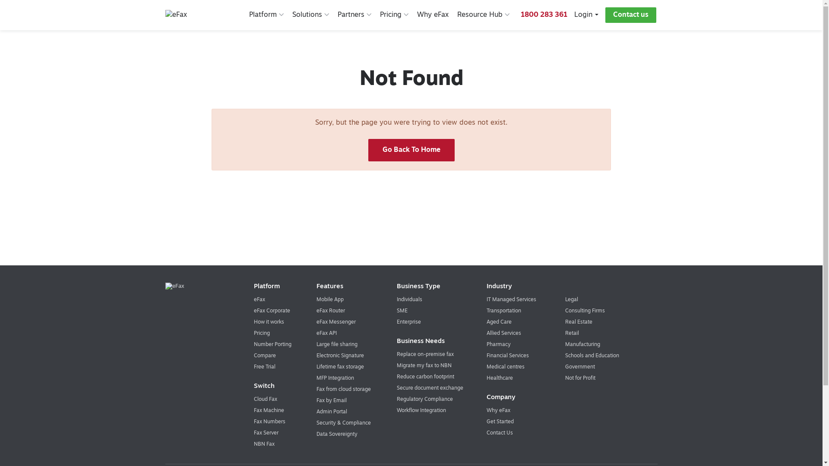 The image size is (829, 466). What do you see at coordinates (264, 367) in the screenshot?
I see `'Free Trial'` at bounding box center [264, 367].